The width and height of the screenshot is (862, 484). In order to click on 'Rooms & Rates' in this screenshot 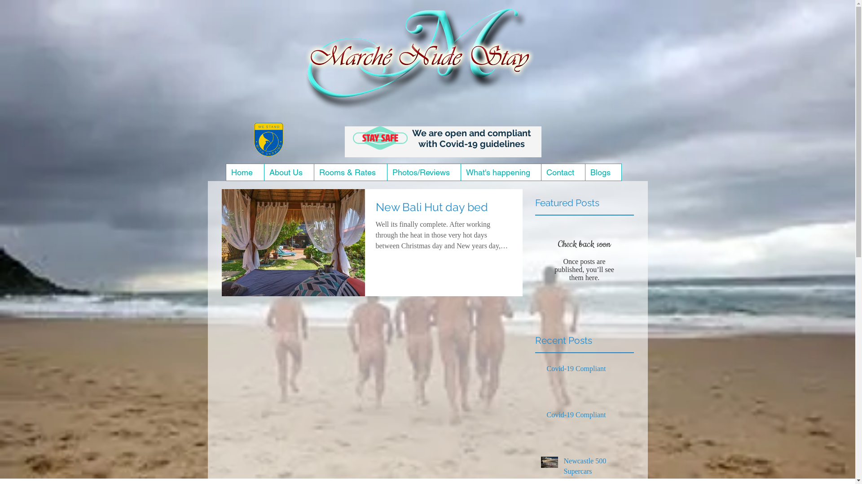, I will do `click(349, 172)`.